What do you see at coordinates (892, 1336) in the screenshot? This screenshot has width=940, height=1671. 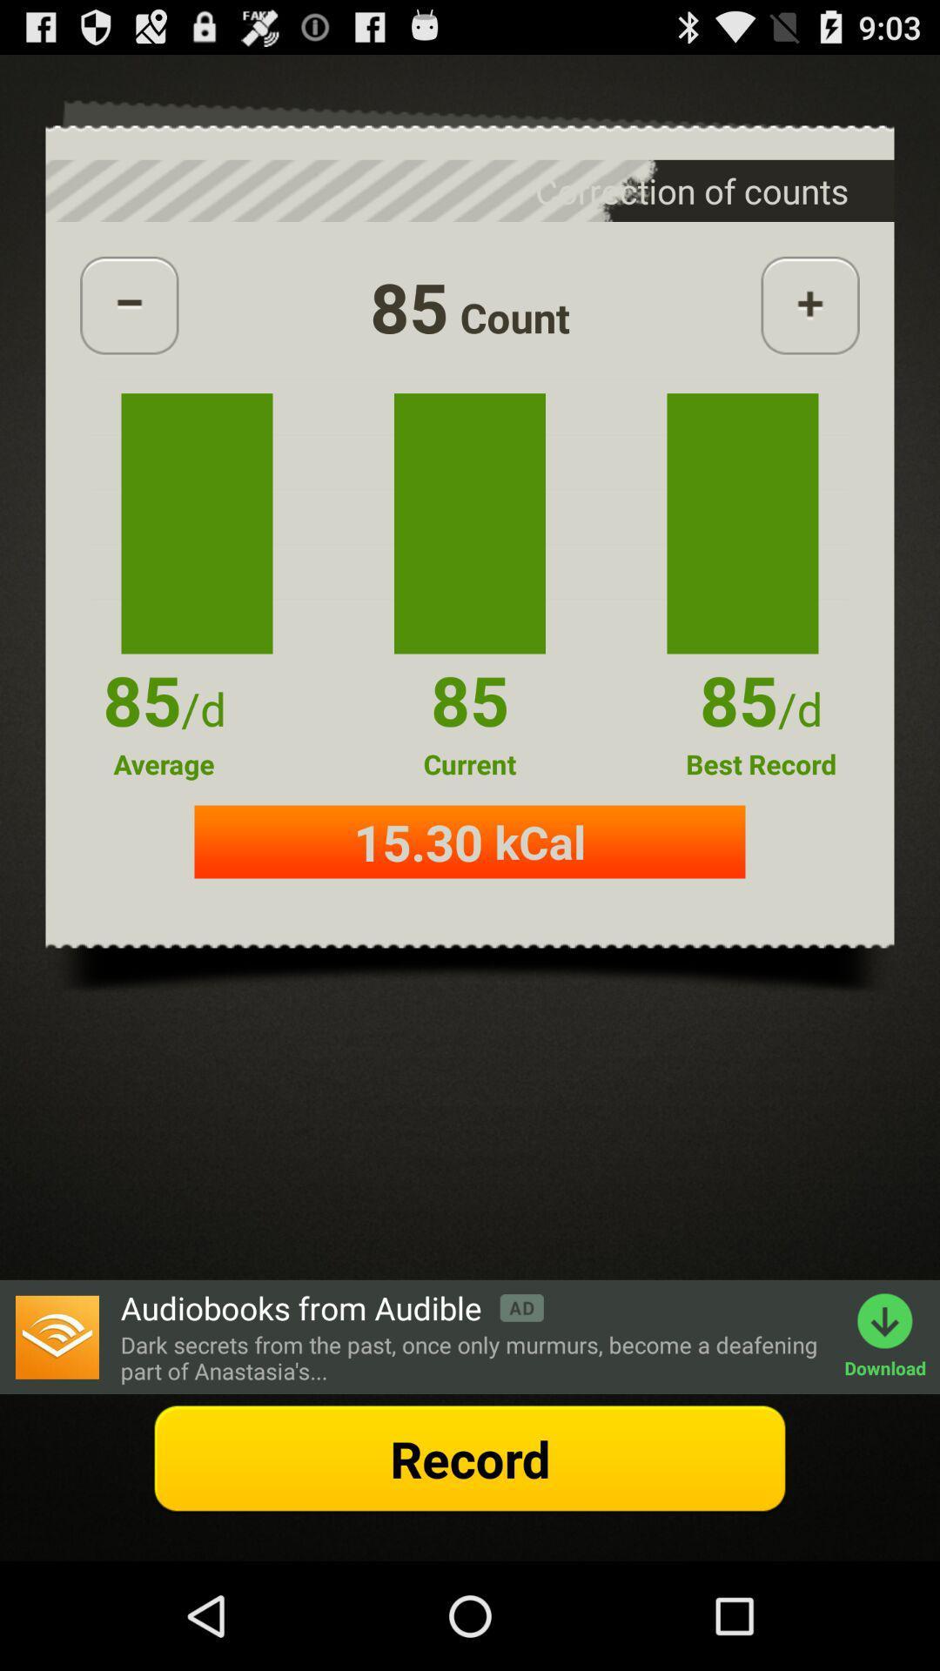 I see `the download button on the bottom right` at bounding box center [892, 1336].